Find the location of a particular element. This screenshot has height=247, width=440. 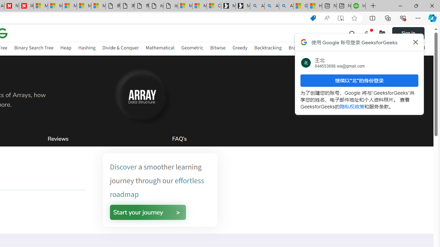

'Start your journey >' is located at coordinates (147, 212).